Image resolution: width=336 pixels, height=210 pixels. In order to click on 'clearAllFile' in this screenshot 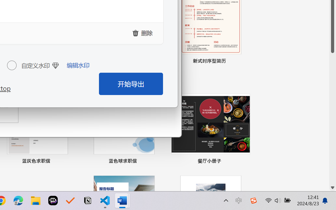, I will do `click(143, 33)`.